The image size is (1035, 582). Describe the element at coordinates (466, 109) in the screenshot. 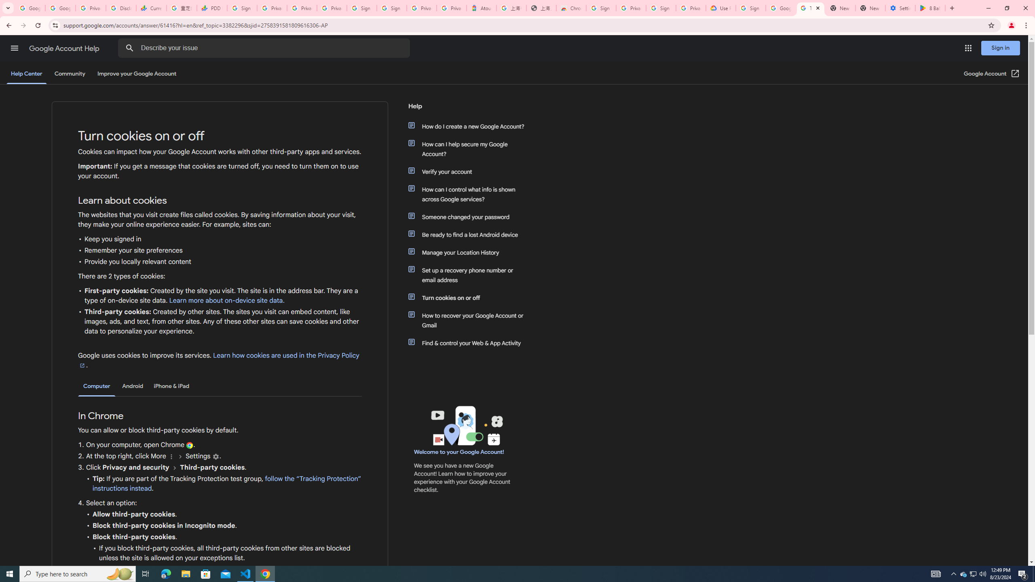

I see `'Help'` at that location.